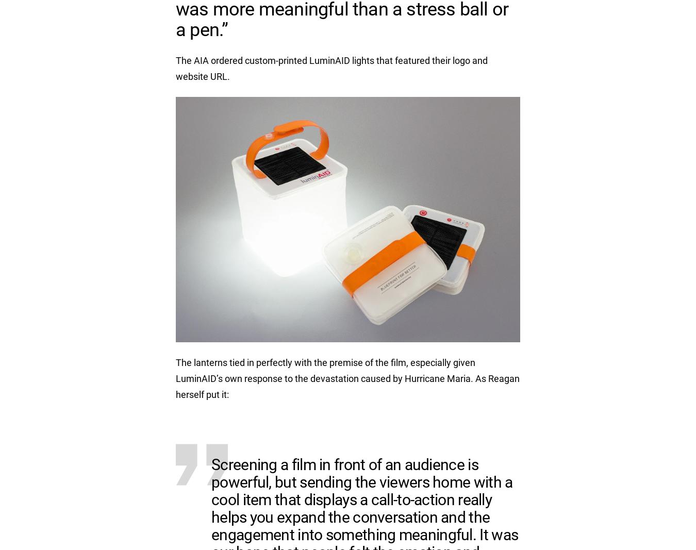  What do you see at coordinates (470, 125) in the screenshot?
I see `'Slovakia (EUR €)'` at bounding box center [470, 125].